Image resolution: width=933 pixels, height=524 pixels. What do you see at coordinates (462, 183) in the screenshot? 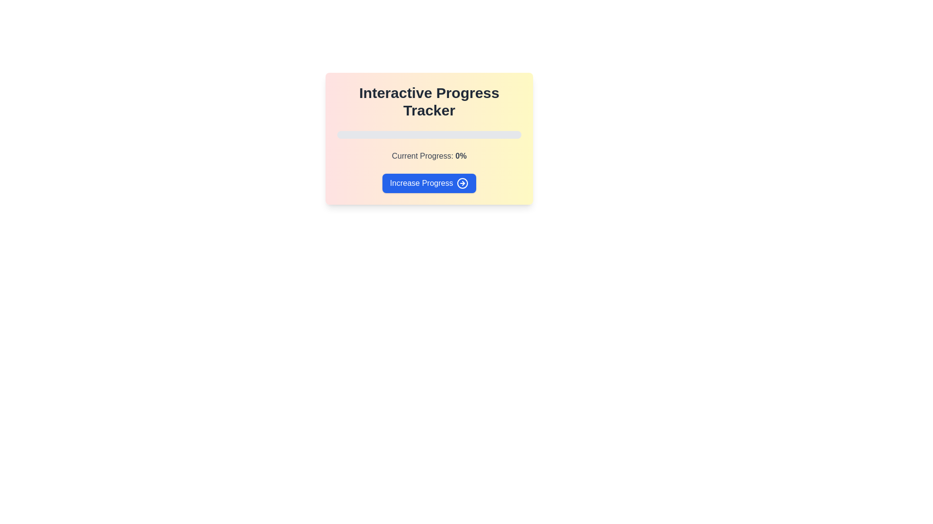
I see `the SVG circle element that serves as a decorative component of the 'Increase Progress' button, which enhances its presentation with a circular arrow icon` at bounding box center [462, 183].